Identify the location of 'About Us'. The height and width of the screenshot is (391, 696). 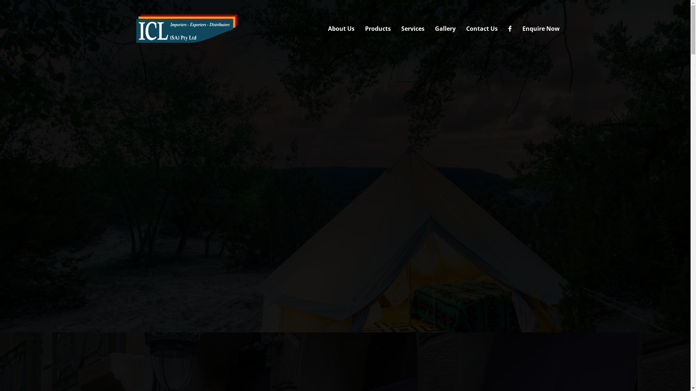
(340, 28).